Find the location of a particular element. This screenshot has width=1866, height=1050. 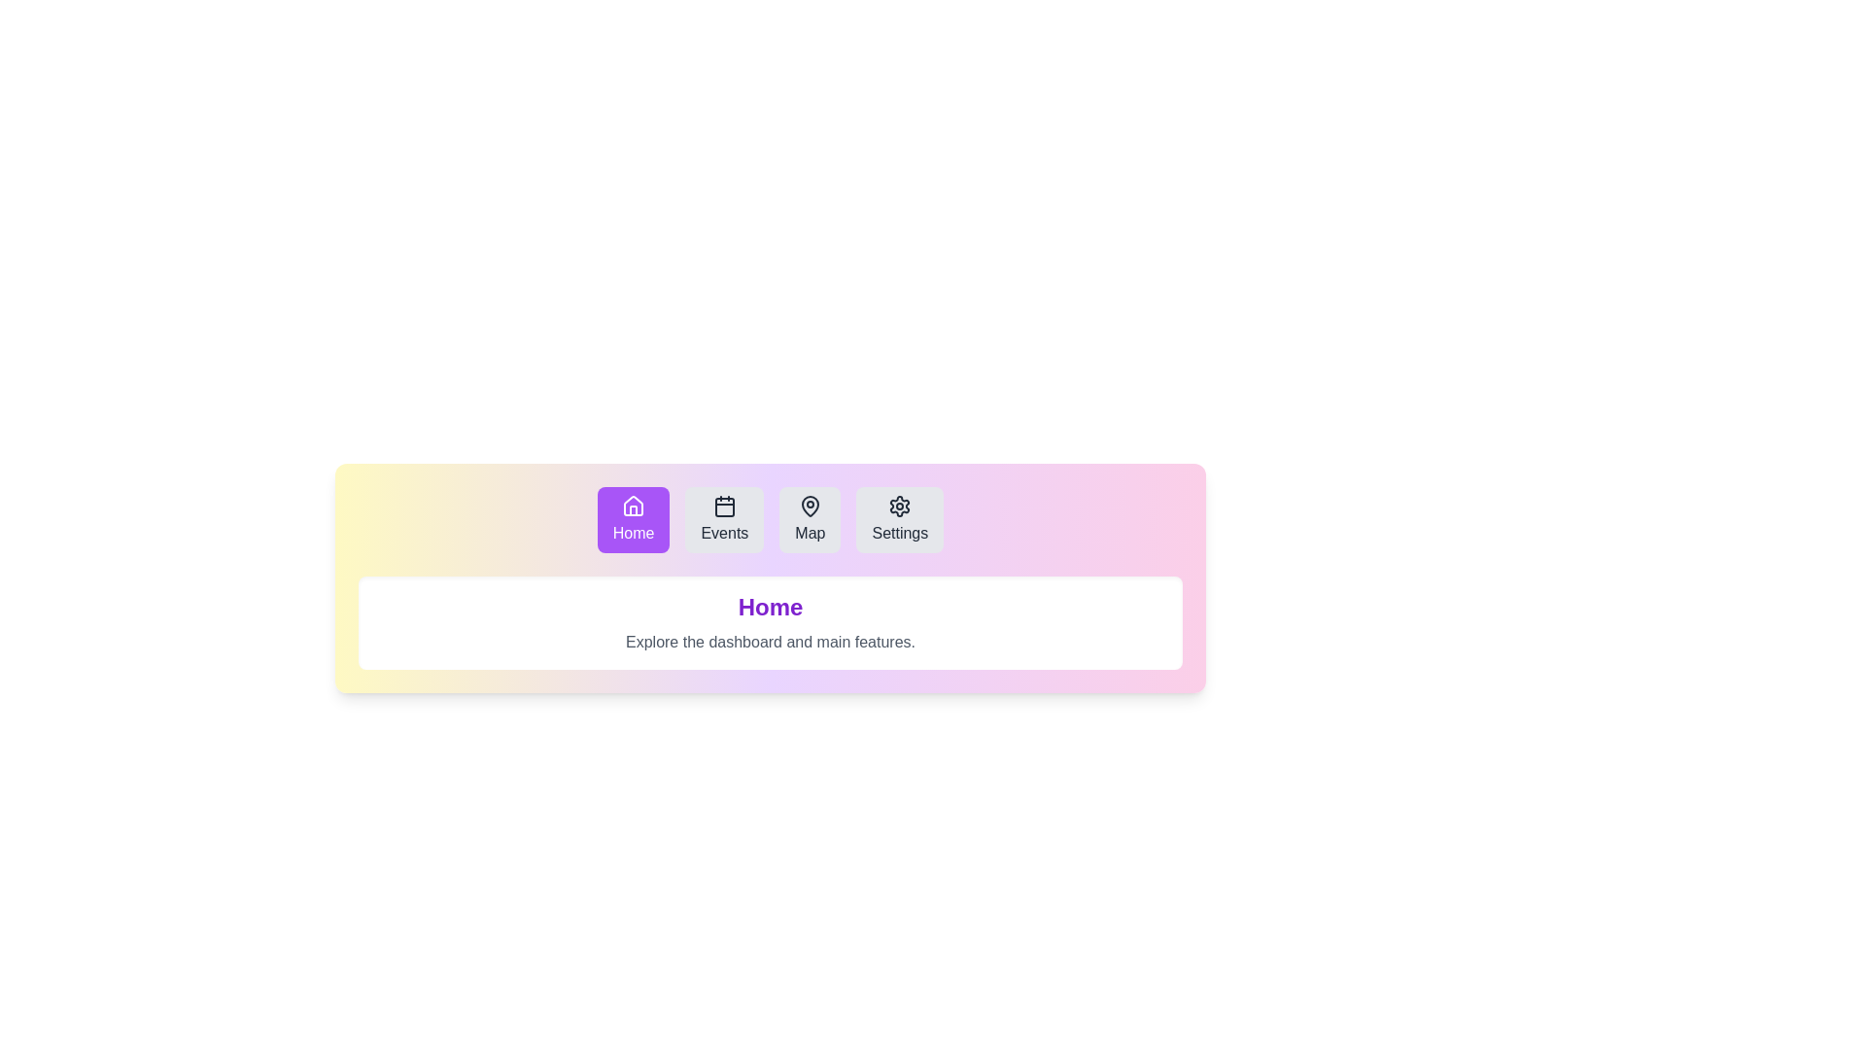

the Events tab to select it is located at coordinates (723, 519).